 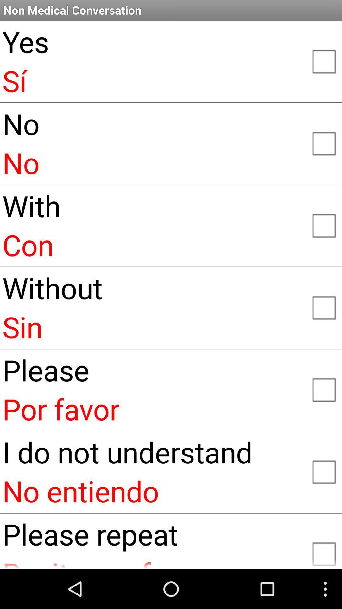 I want to click on without, so click(x=324, y=307).